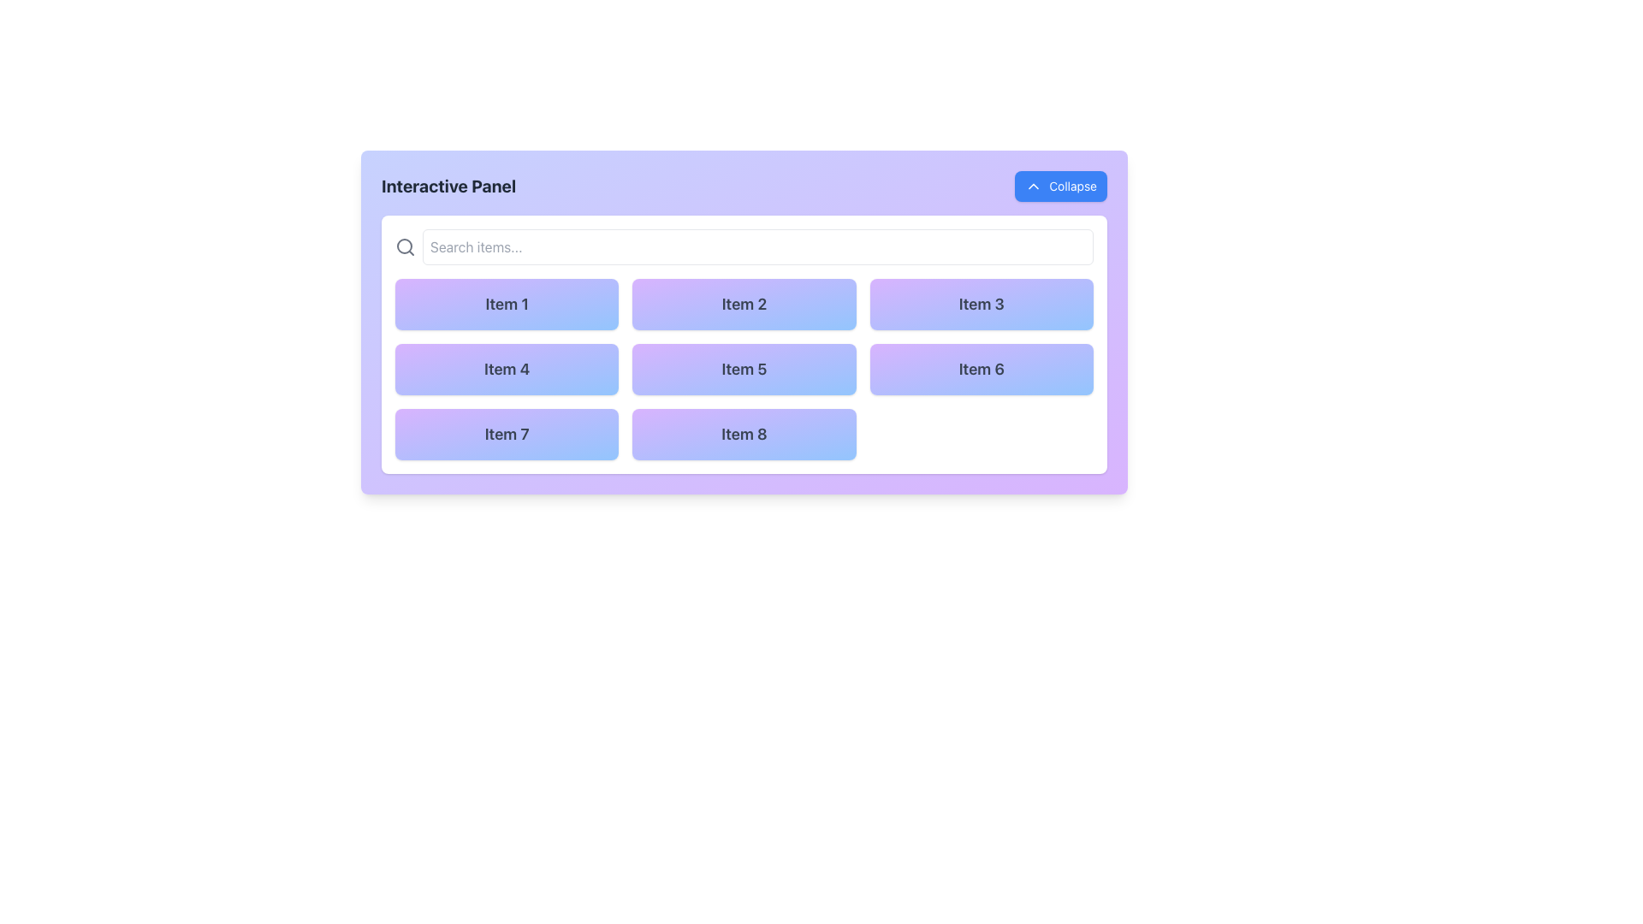  Describe the element at coordinates (744, 303) in the screenshot. I see `the static text label located in the upper central part of the grid, which is the second item in a horizontal row adjacent to 'Item 1' and 'Item 3'` at that location.